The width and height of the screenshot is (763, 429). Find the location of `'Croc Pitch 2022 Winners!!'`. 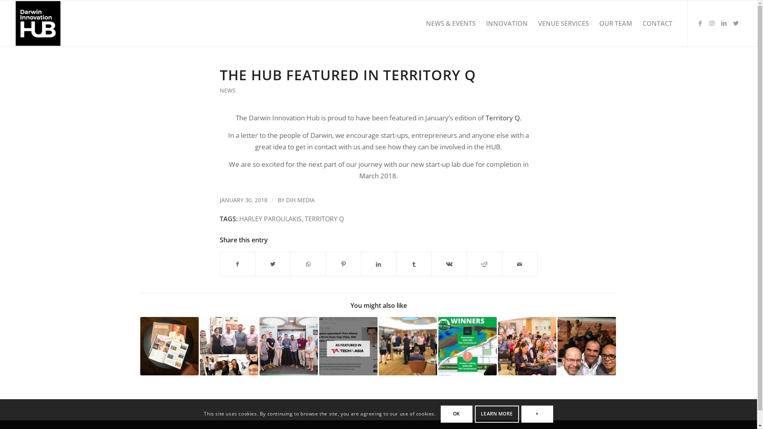

'Croc Pitch 2022 Winners!!' is located at coordinates (467, 346).